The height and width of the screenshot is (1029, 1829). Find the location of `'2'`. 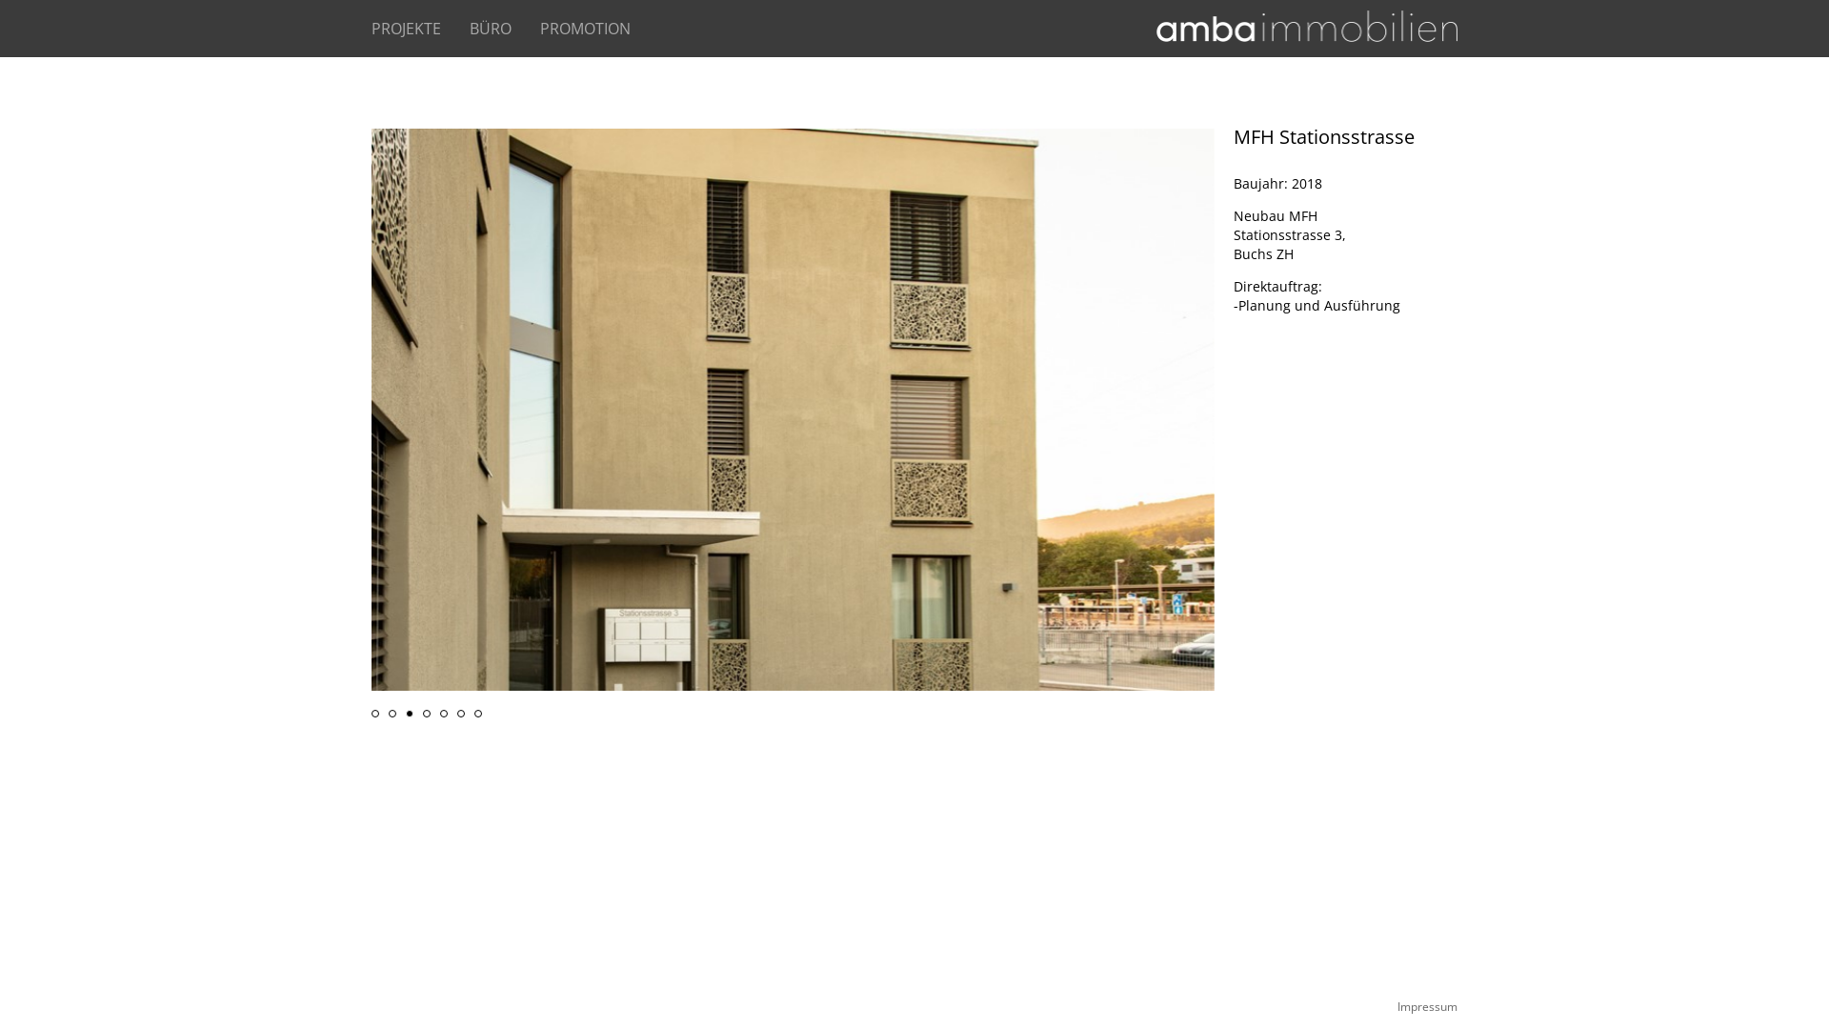

'2' is located at coordinates (392, 713).